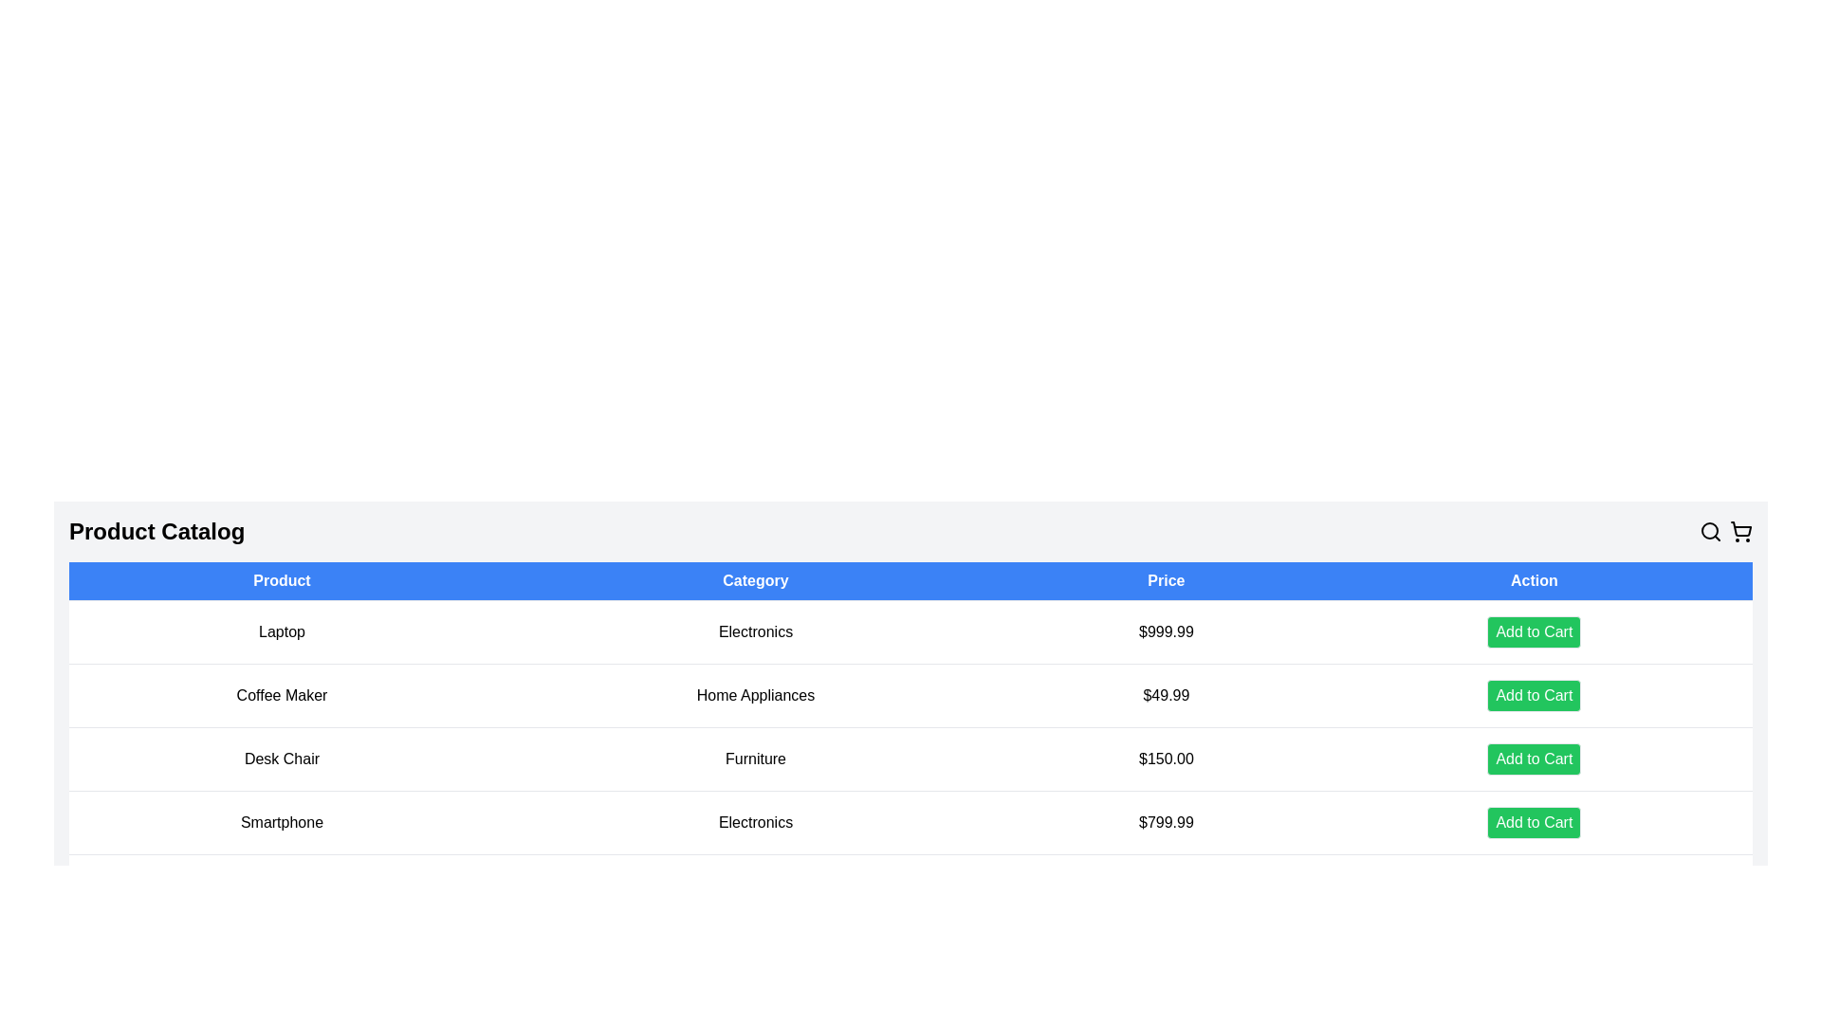 The height and width of the screenshot is (1024, 1821). What do you see at coordinates (281, 695) in the screenshot?
I see `the 'Coffee Maker' label in the product catalog table, located in the first position of the second row under the 'Product' column` at bounding box center [281, 695].